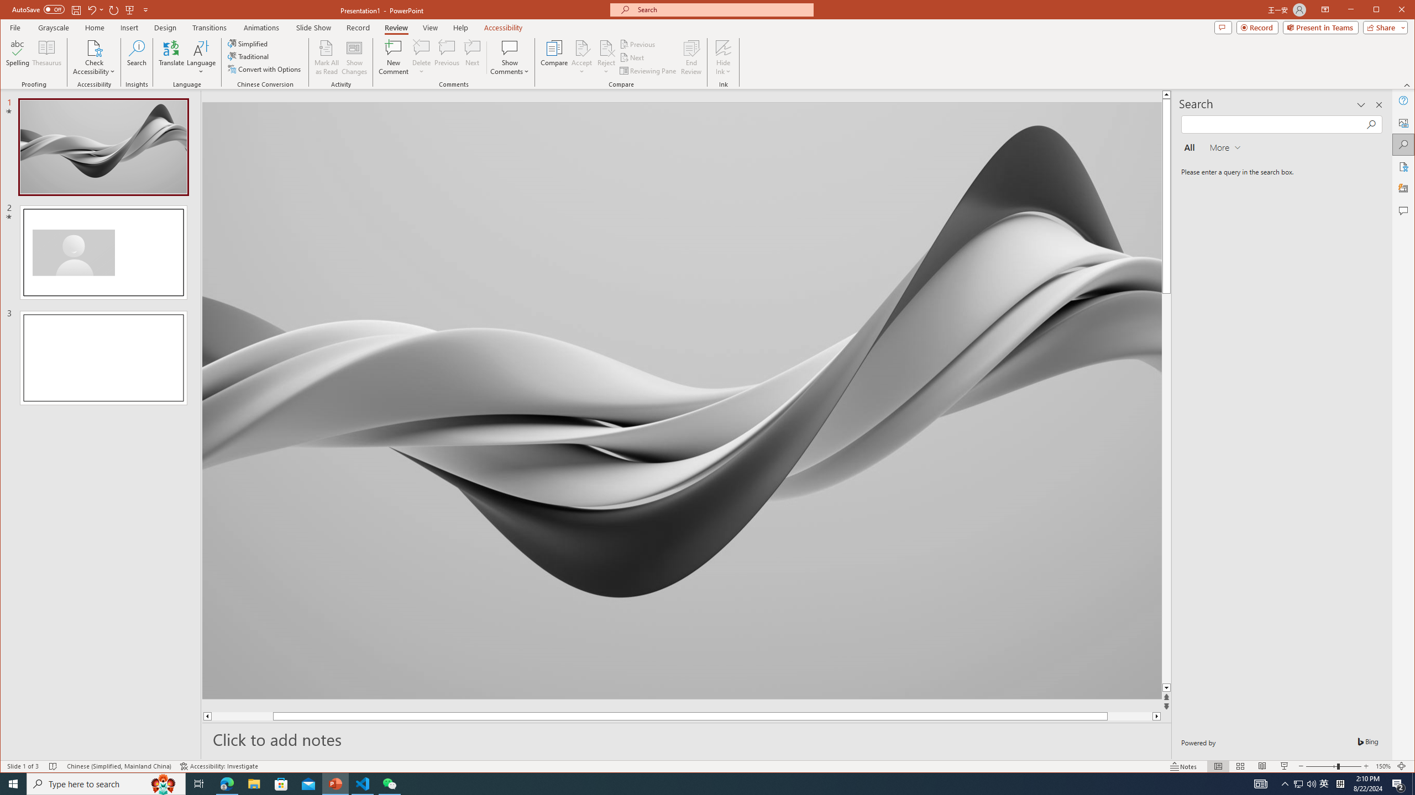 The image size is (1415, 795). What do you see at coordinates (201, 57) in the screenshot?
I see `'Language'` at bounding box center [201, 57].